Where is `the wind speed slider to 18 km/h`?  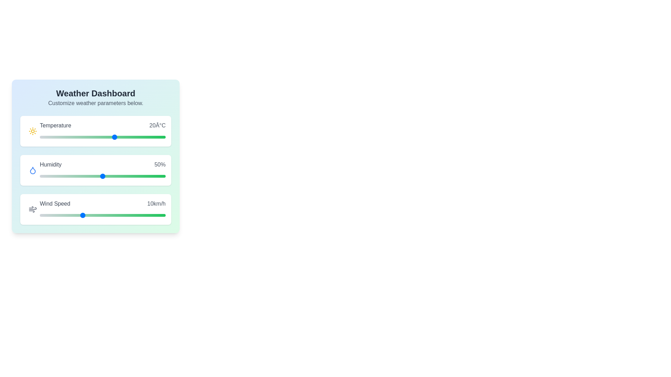
the wind speed slider to 18 km/h is located at coordinates (115, 215).